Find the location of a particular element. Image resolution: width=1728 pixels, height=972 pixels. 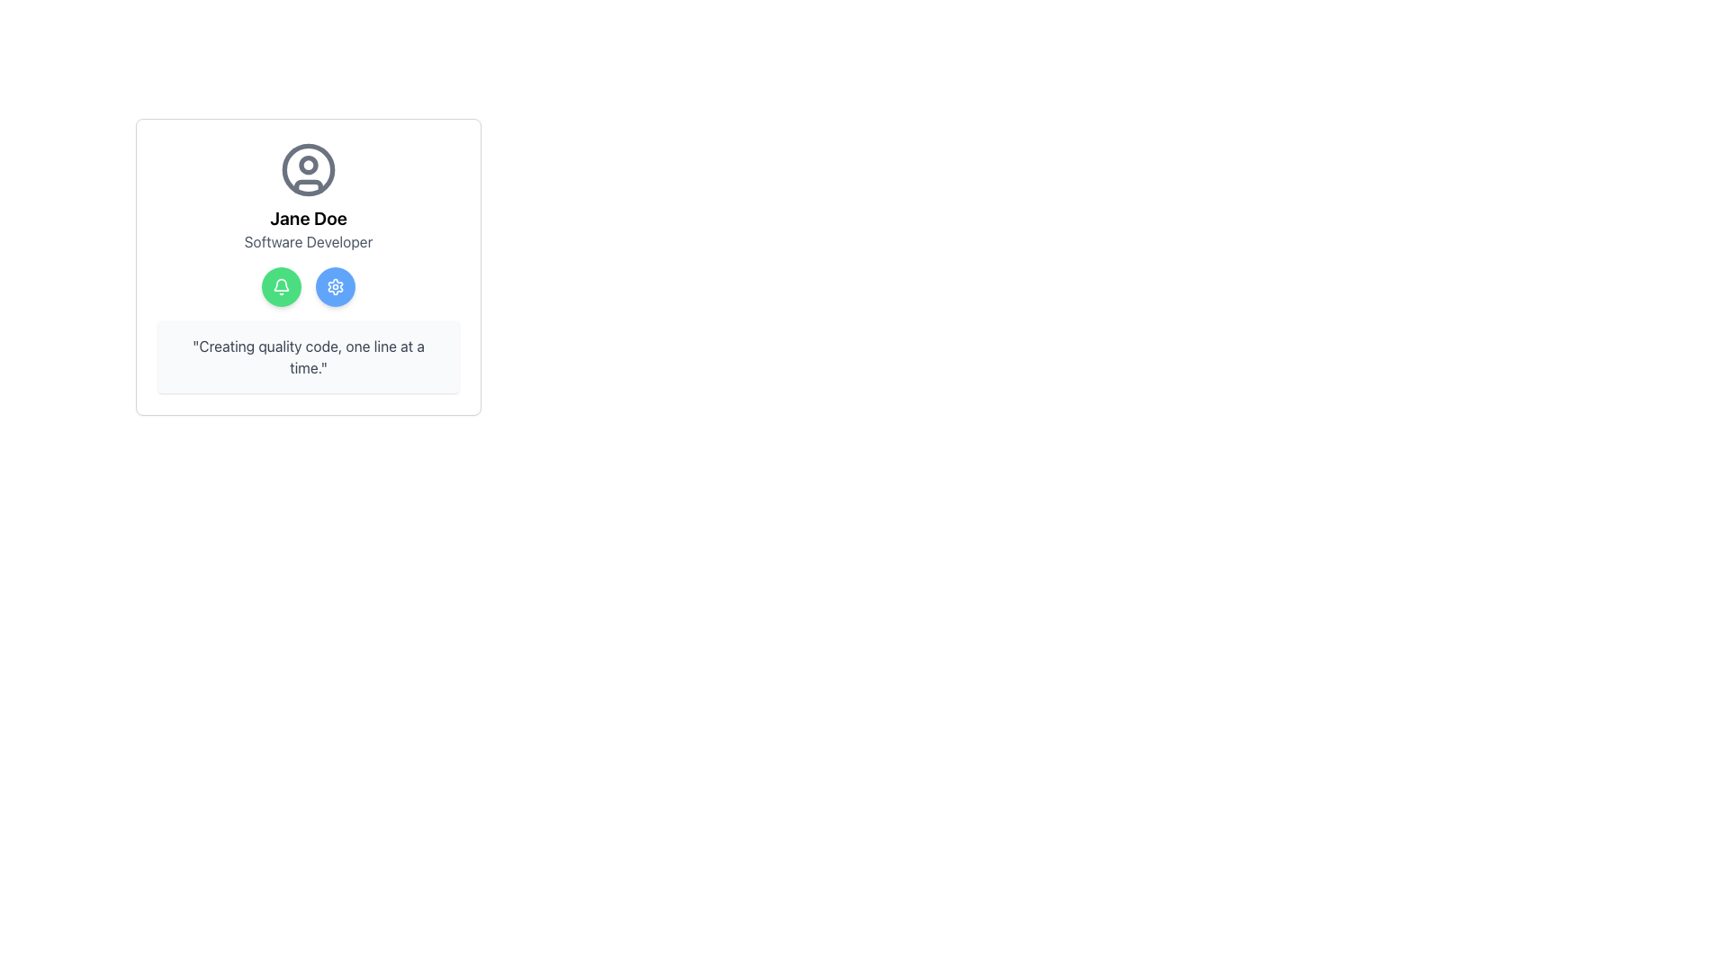

the static text block that reads 'Creating quality code, one line at a time.' located at the bottom of a profile card layout is located at coordinates (308, 357).